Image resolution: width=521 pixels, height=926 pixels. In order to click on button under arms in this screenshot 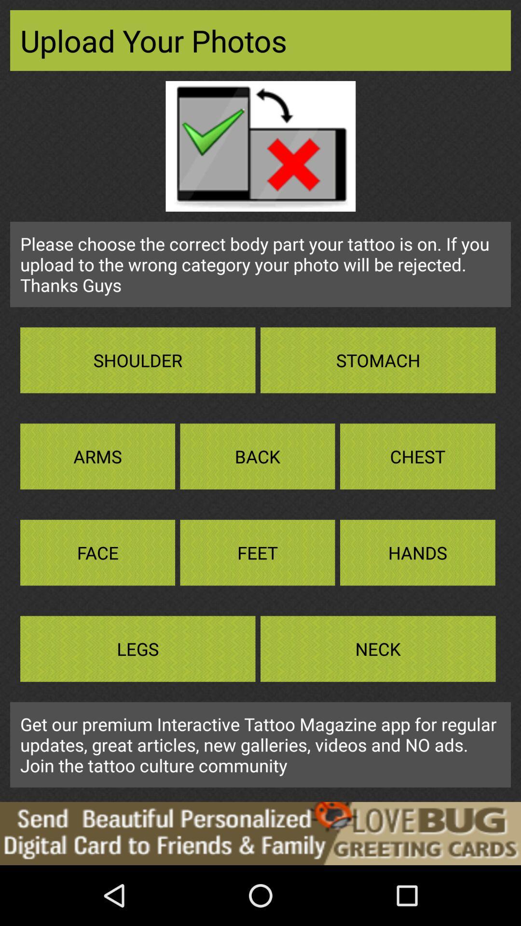, I will do `click(97, 553)`.